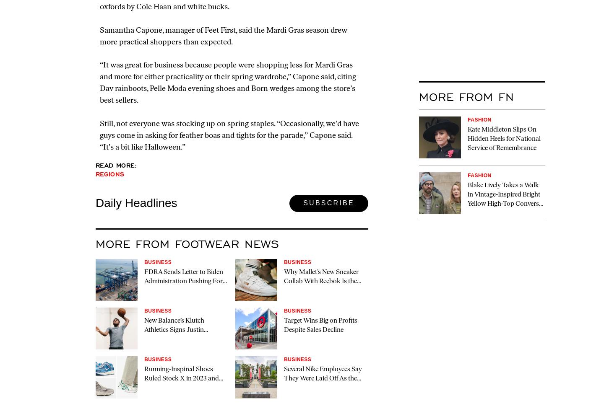 This screenshot has width=604, height=419. I want to click on 'Still, not everyone was stocking up on spring staples. “Occasionally, we’d have guys come in asking for feather boas and tights for the parade,” Capone said. “It’s a bit like Halloween.”', so click(229, 135).